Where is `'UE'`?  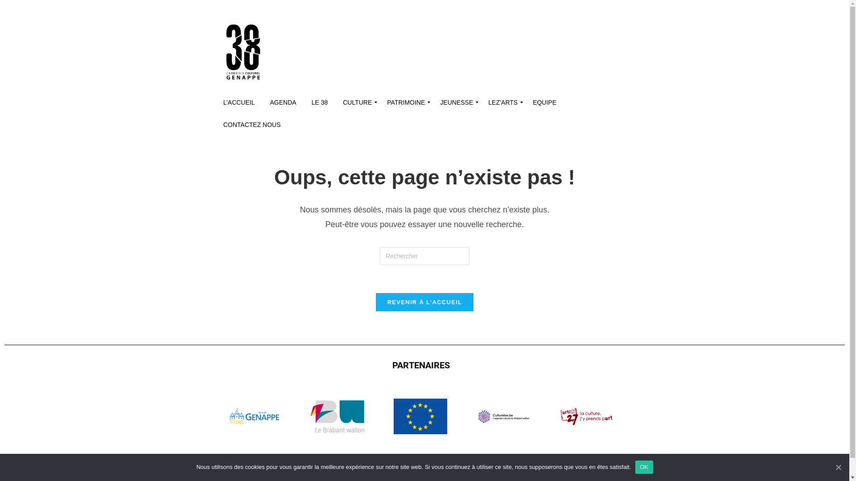
'UE' is located at coordinates (420, 416).